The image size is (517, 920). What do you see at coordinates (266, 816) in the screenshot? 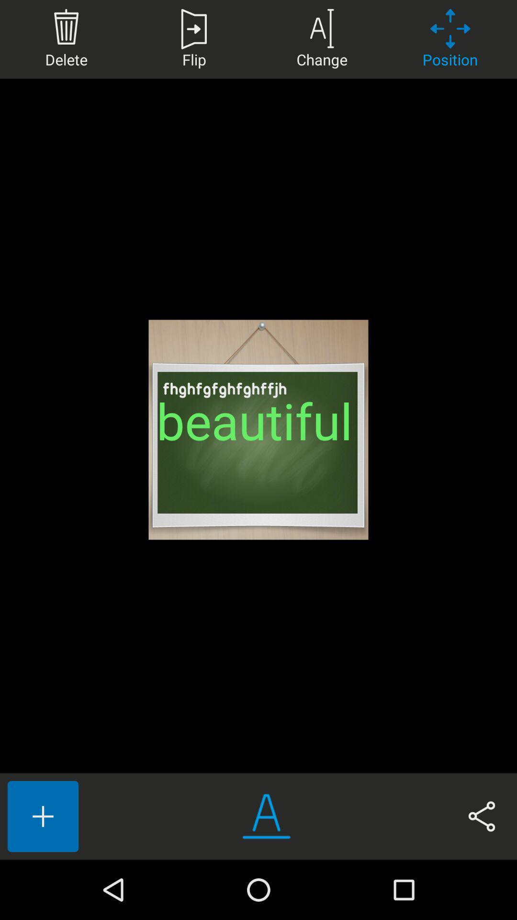
I see `the font icon` at bounding box center [266, 816].